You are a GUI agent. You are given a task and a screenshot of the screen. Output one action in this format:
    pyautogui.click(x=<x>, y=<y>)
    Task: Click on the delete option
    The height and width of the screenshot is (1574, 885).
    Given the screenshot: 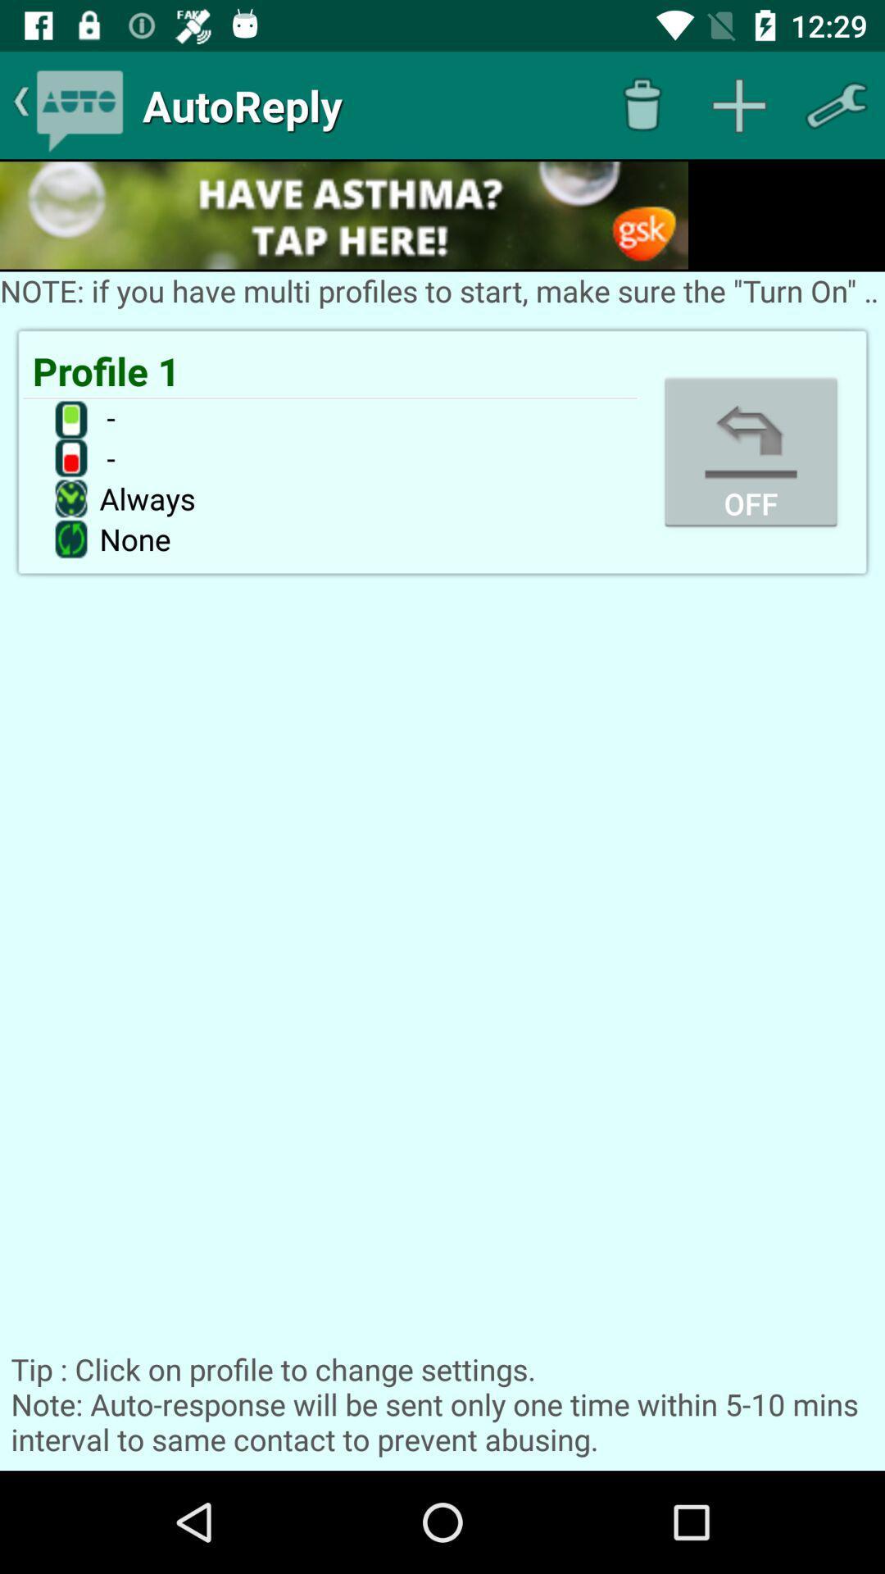 What is the action you would take?
    pyautogui.click(x=641, y=104)
    